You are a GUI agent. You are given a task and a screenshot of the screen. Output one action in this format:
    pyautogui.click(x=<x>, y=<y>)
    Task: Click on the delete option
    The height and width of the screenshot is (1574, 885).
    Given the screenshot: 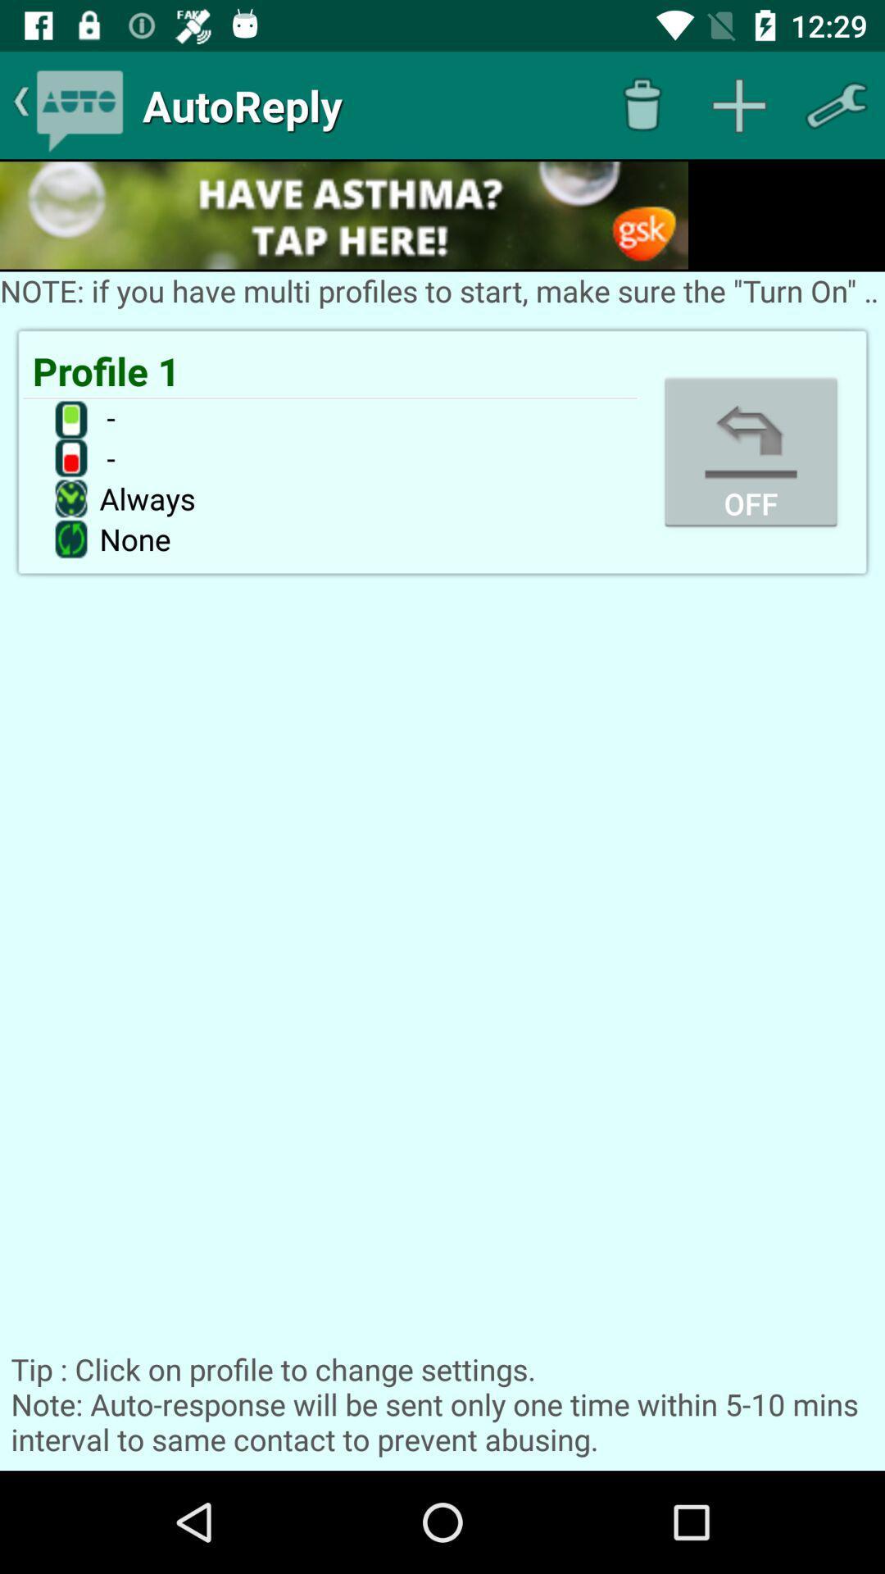 What is the action you would take?
    pyautogui.click(x=641, y=104)
    